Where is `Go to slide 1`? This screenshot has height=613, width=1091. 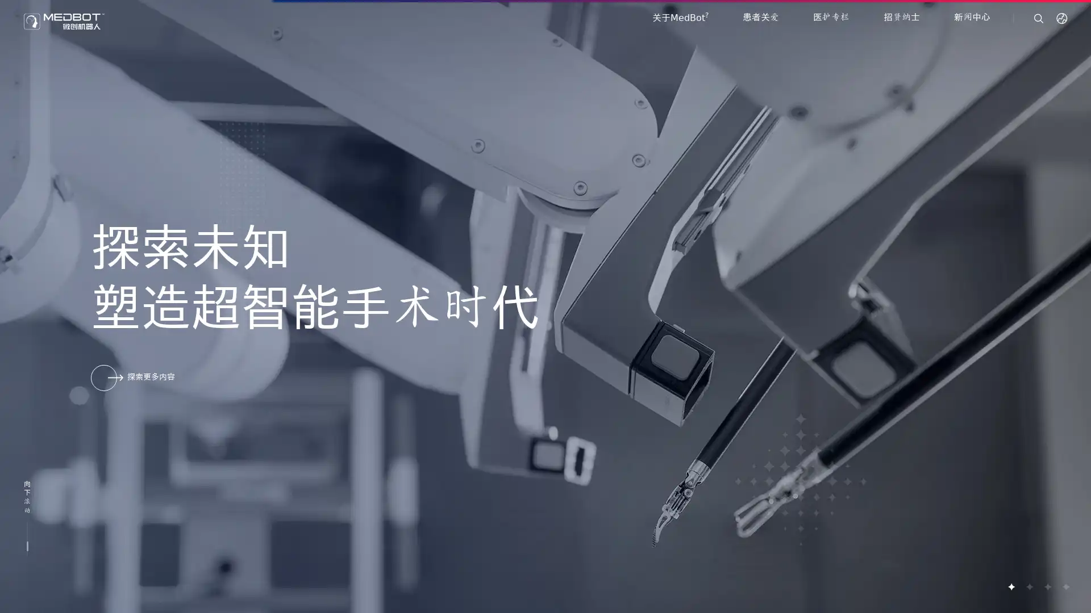 Go to slide 1 is located at coordinates (1011, 586).